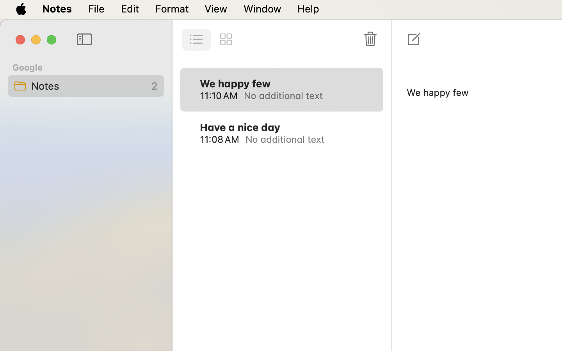  What do you see at coordinates (304, 95) in the screenshot?
I see `'No additional text'` at bounding box center [304, 95].